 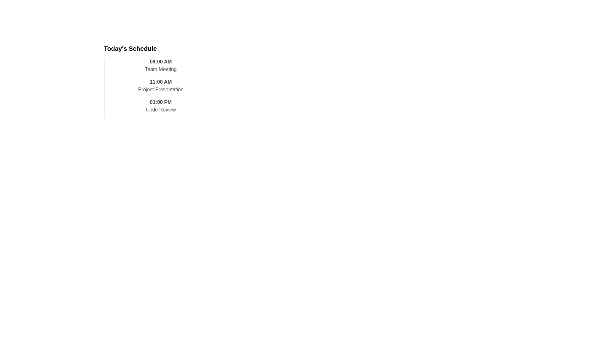 What do you see at coordinates (161, 105) in the screenshot?
I see `the text block displaying '01:00 PM' followed by 'Code Review', which is the third item in the vertically stacked schedule list` at bounding box center [161, 105].